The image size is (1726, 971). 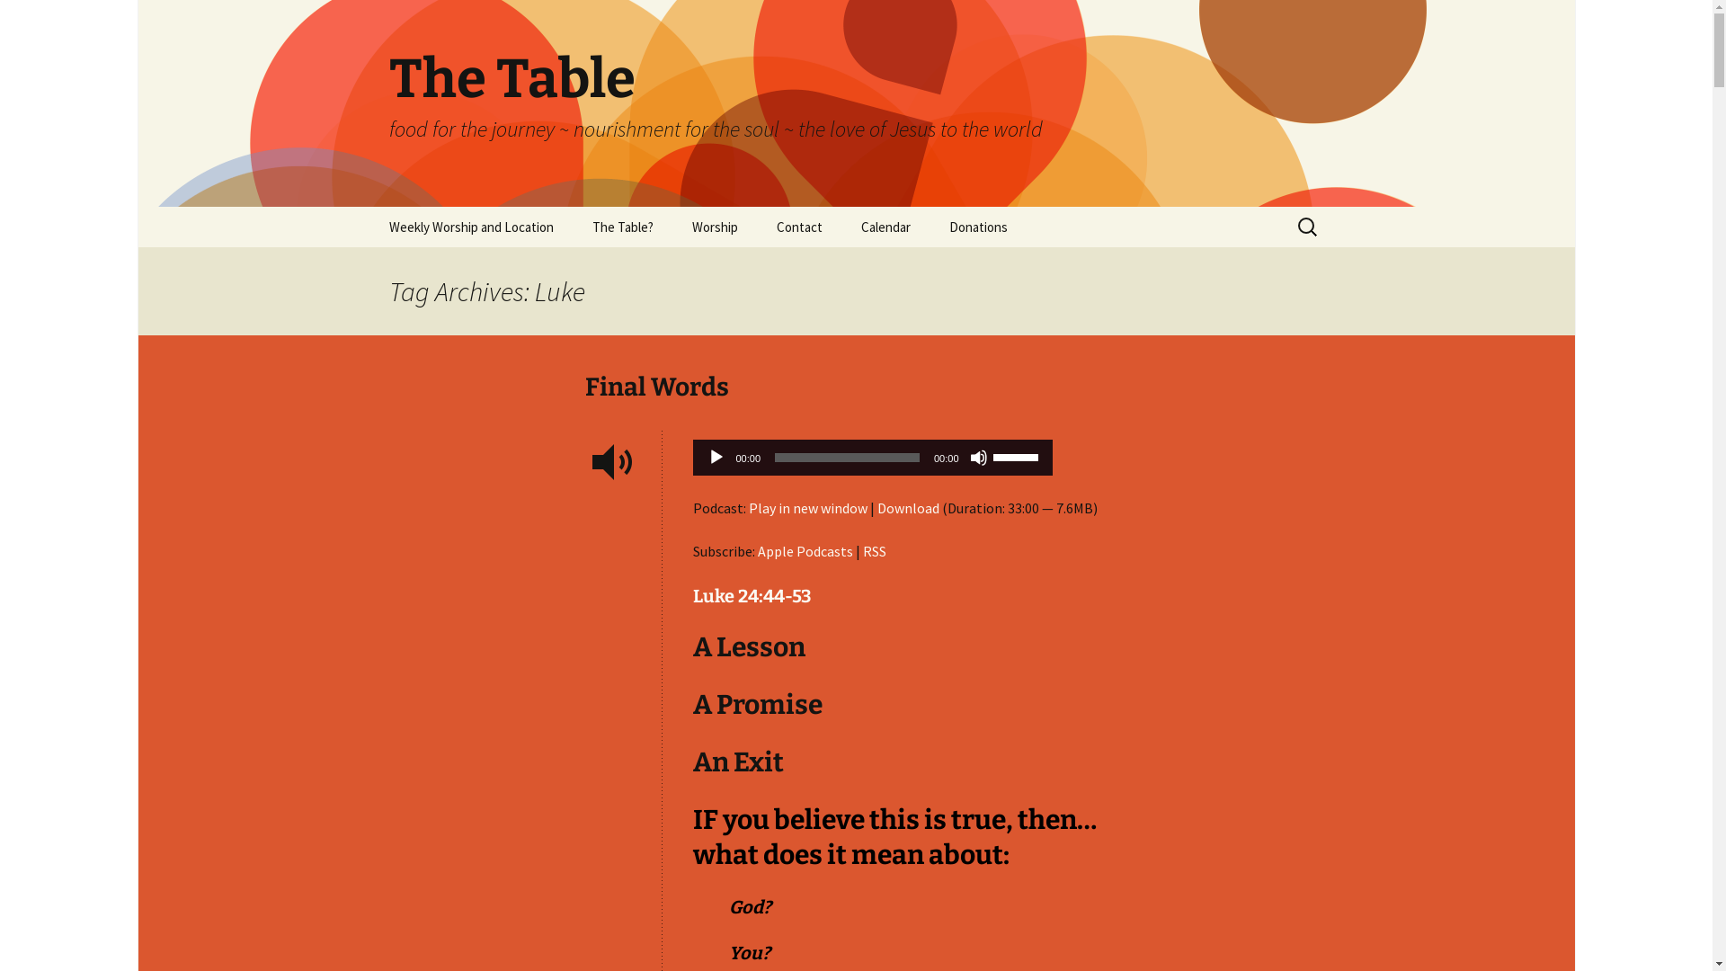 What do you see at coordinates (470, 226) in the screenshot?
I see `'Weekly Worship and Location'` at bounding box center [470, 226].